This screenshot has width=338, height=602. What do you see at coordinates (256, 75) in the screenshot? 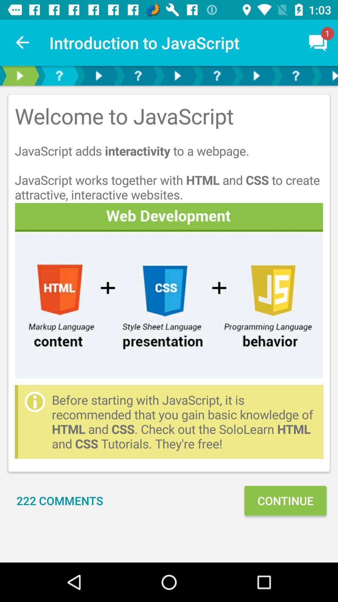
I see `next button` at bounding box center [256, 75].